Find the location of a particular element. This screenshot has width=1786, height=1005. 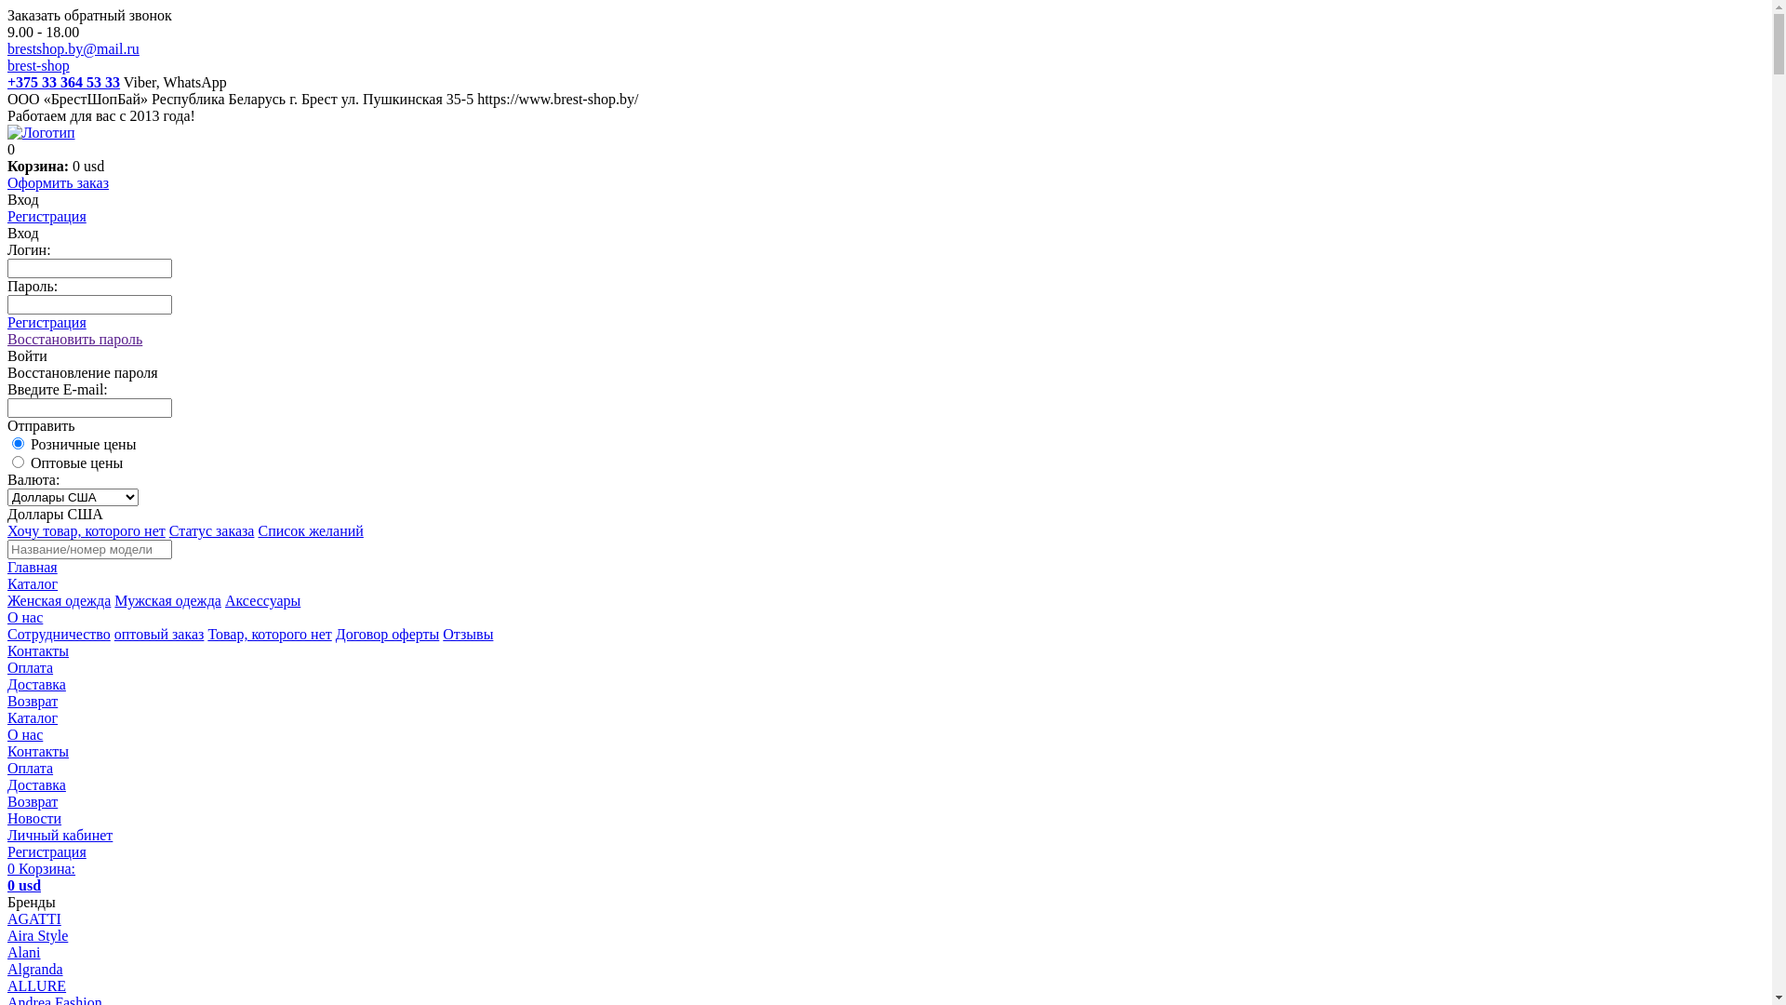

'brest-shop' is located at coordinates (38, 64).